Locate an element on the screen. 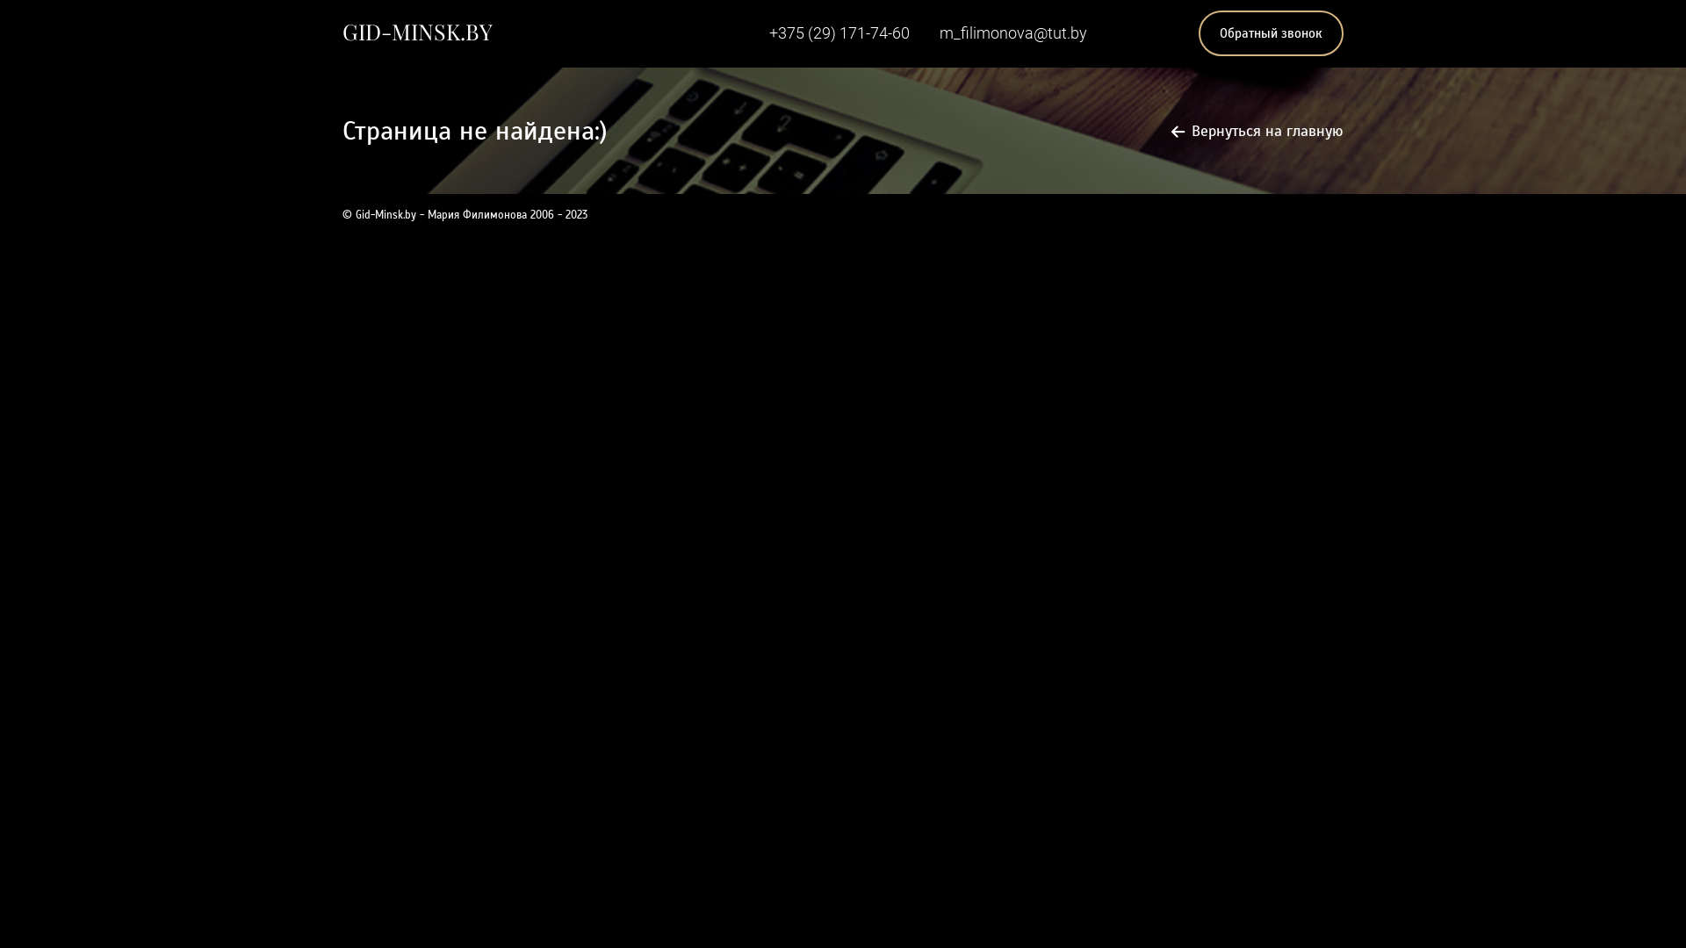 This screenshot has width=1686, height=948. 'GID-MINSK.BY' is located at coordinates (342, 31).